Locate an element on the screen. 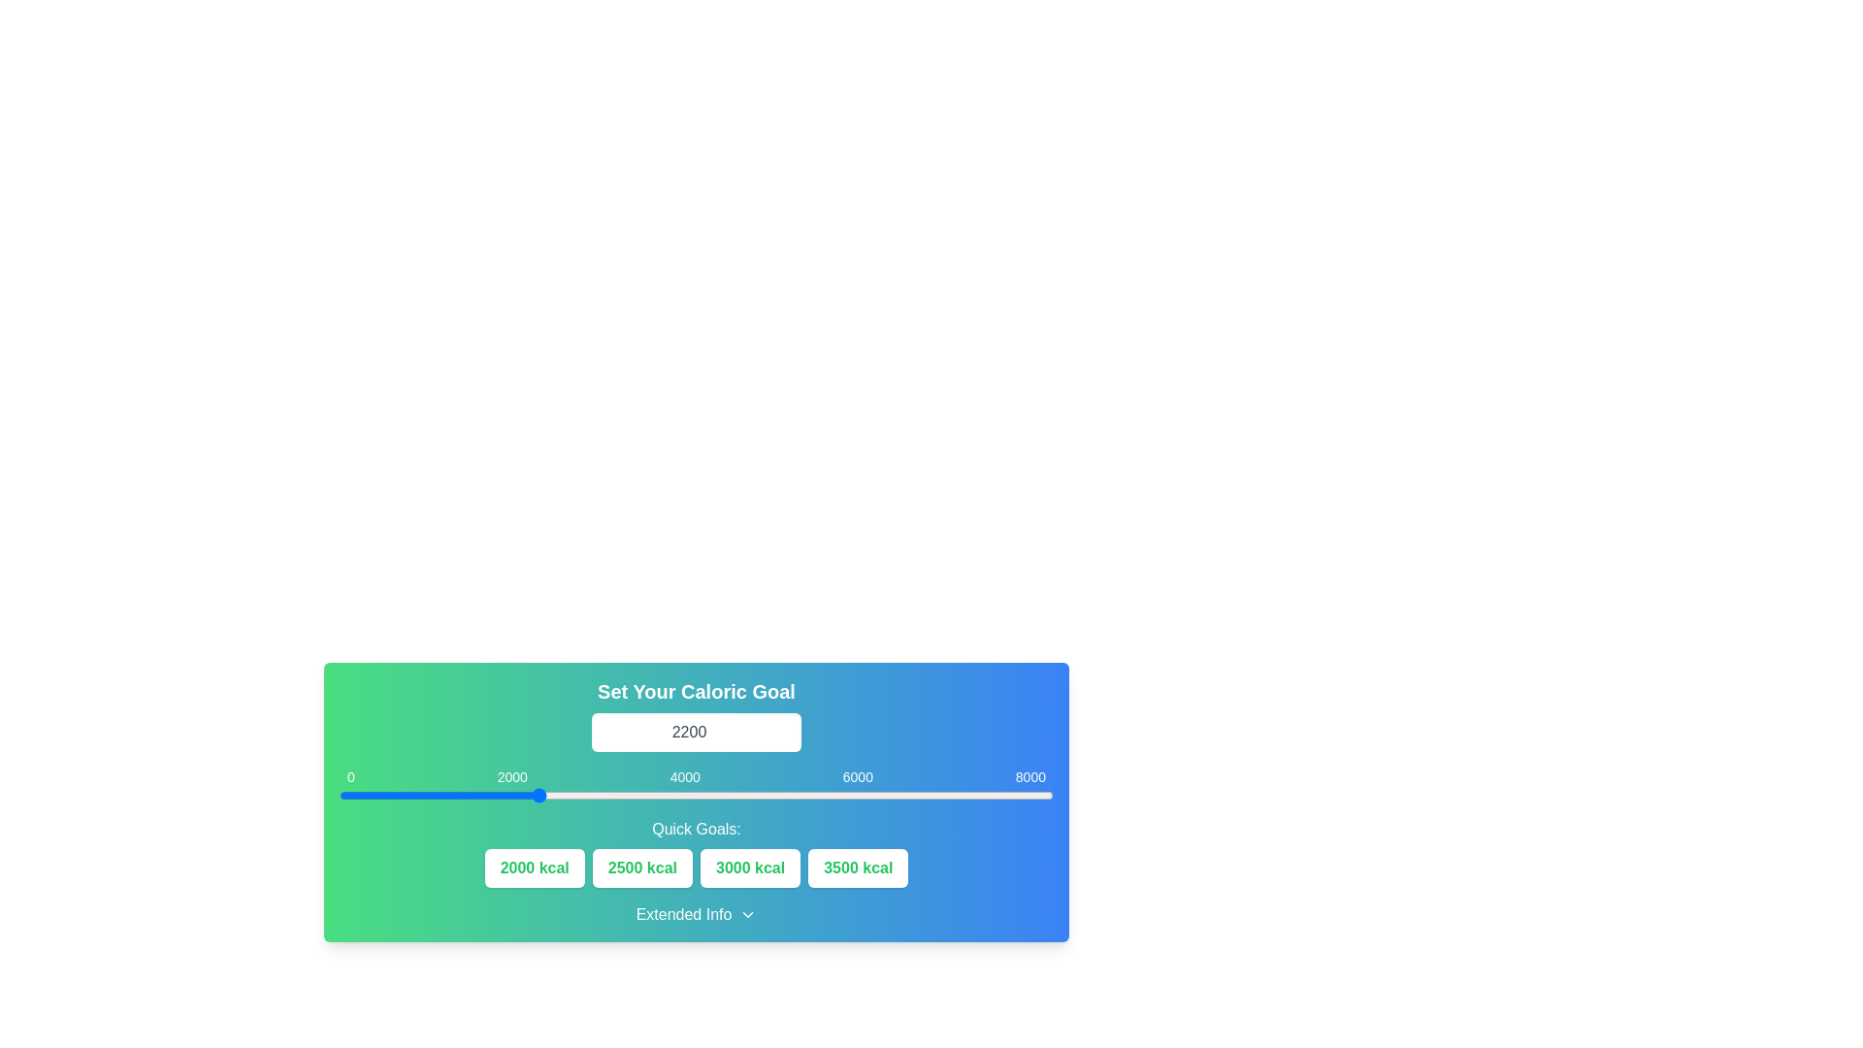 The height and width of the screenshot is (1048, 1863). the button in the 'Quick Goals' section of the 'Set Your Caloric Goal' panel is located at coordinates (697, 867).